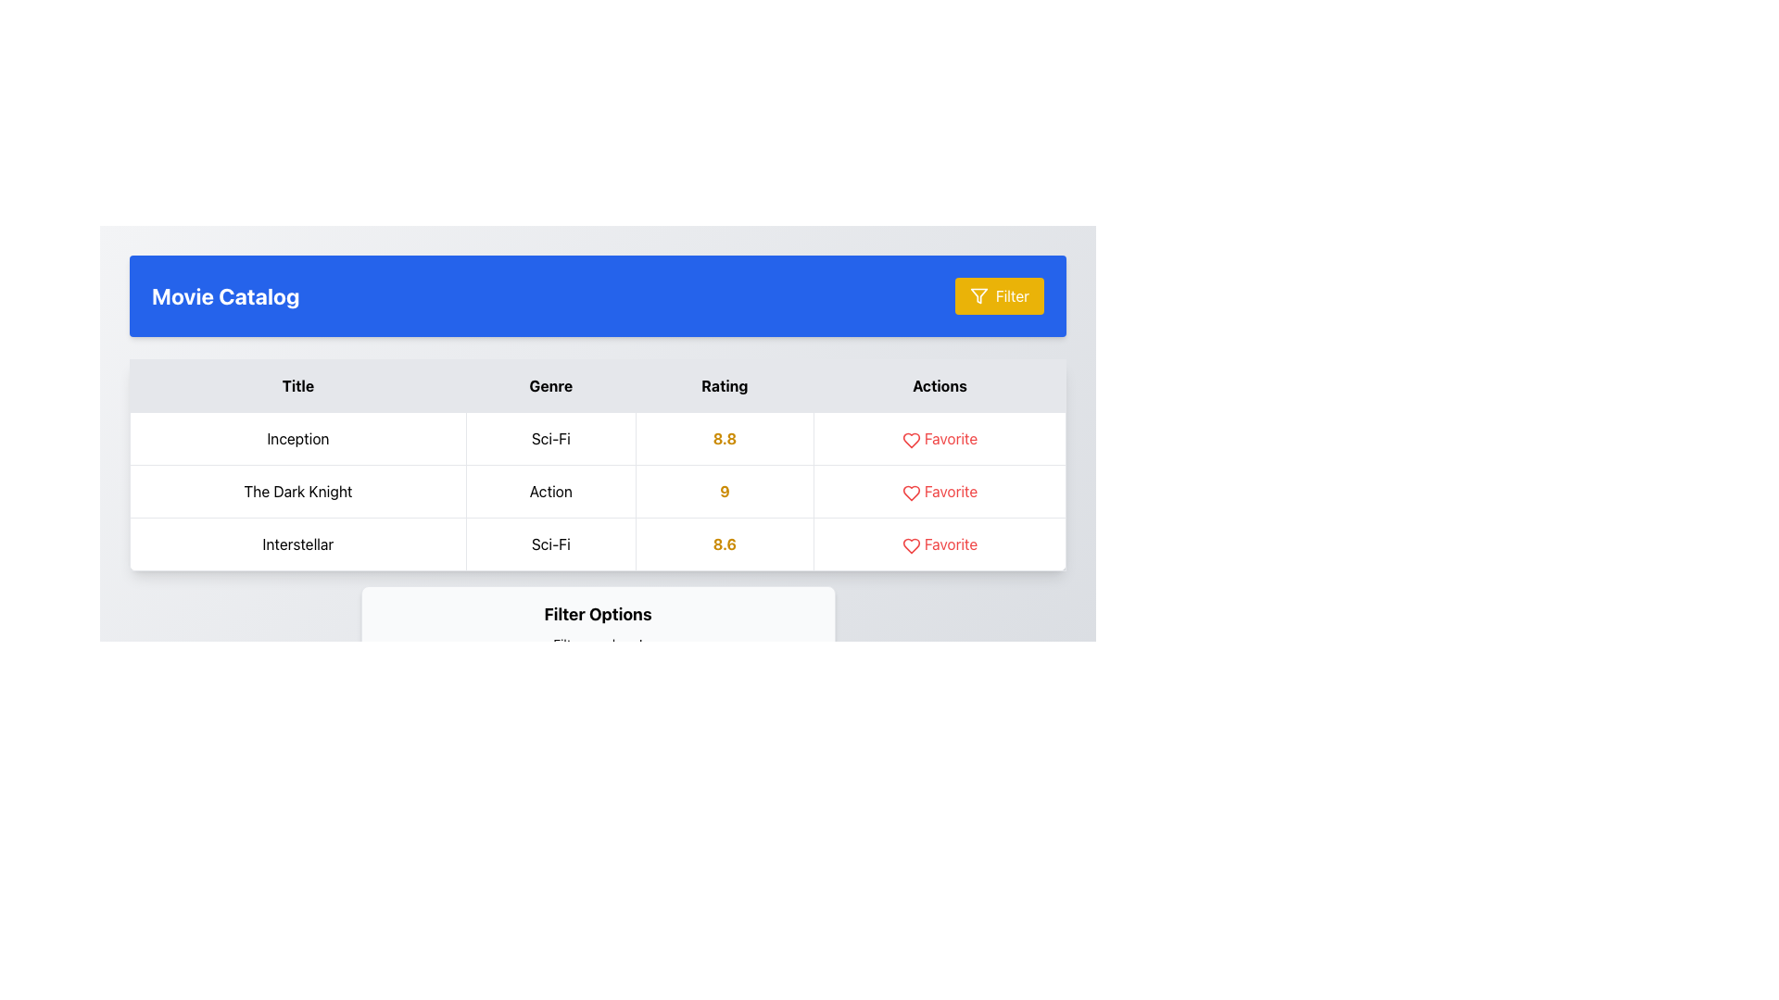  I want to click on the 'Sci-Fi' text label located under the 'Genre' column for the 'Inception' row in the table layout, so click(549, 439).